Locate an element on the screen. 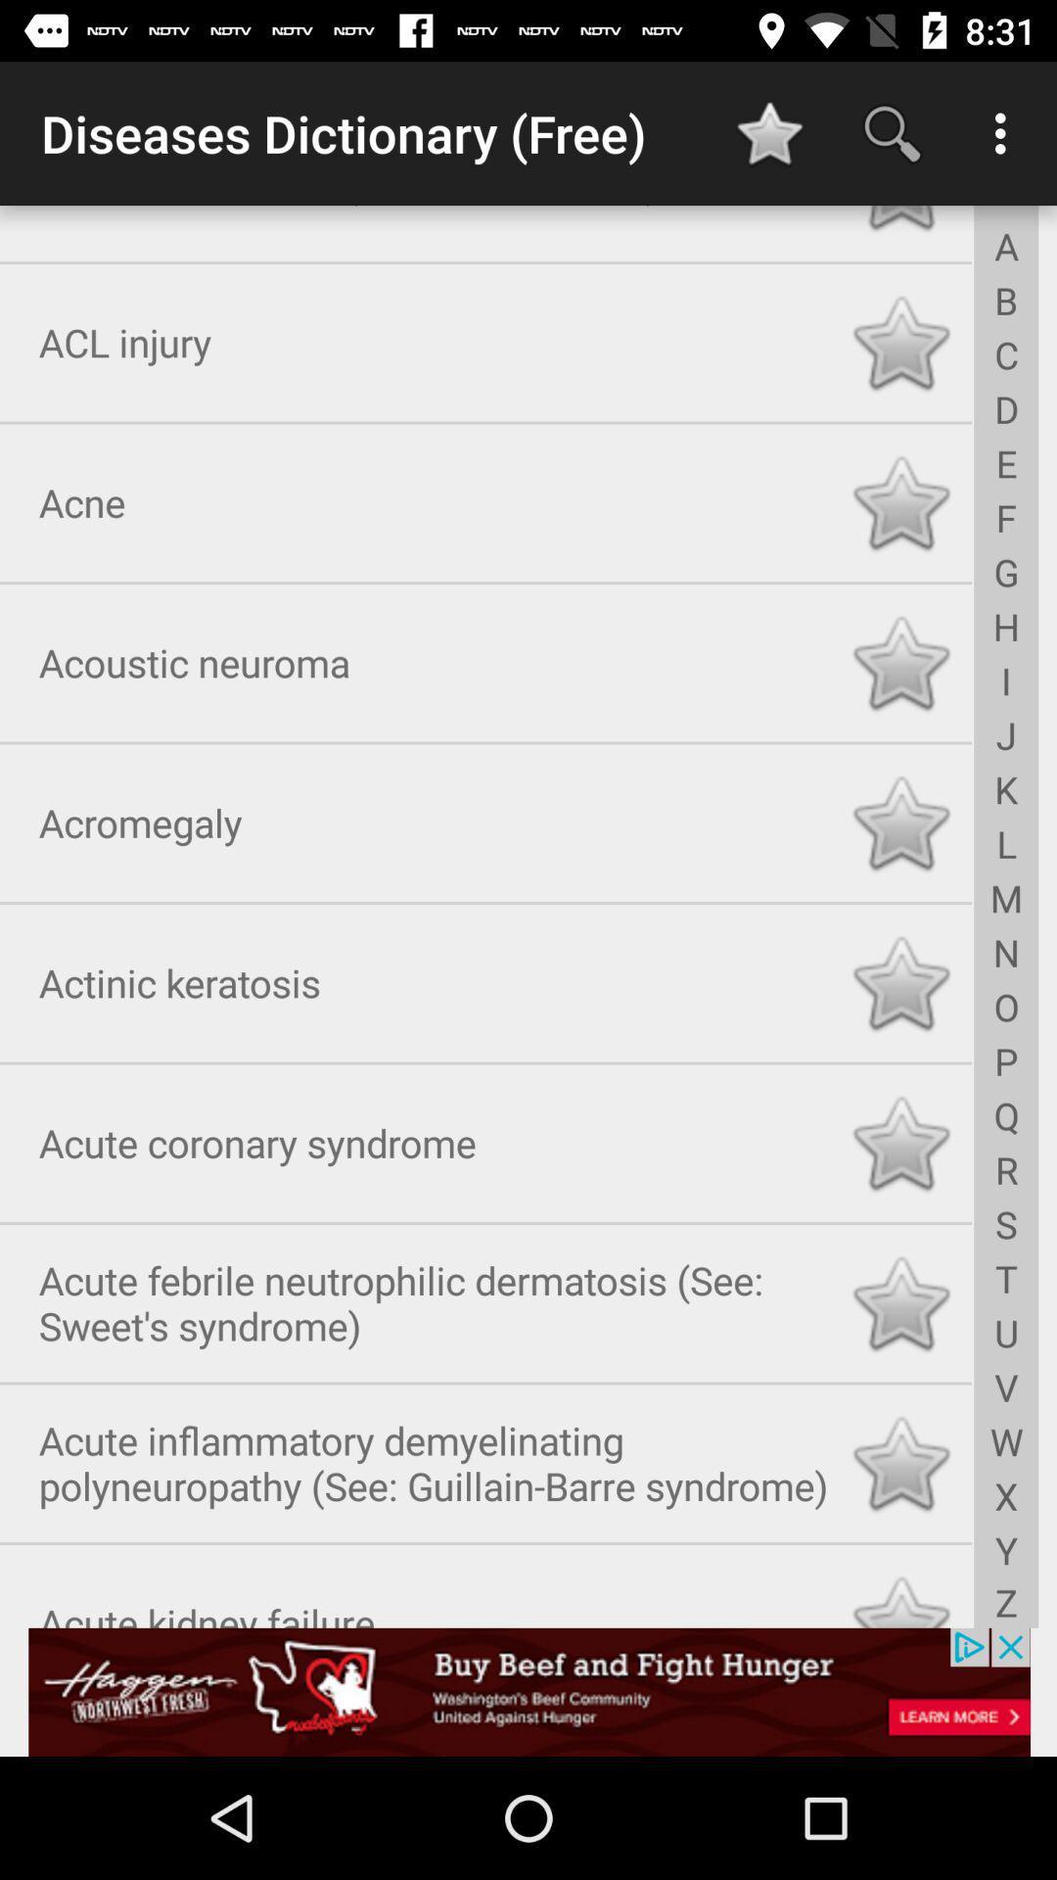 This screenshot has height=1880, width=1057. like is located at coordinates (900, 339).